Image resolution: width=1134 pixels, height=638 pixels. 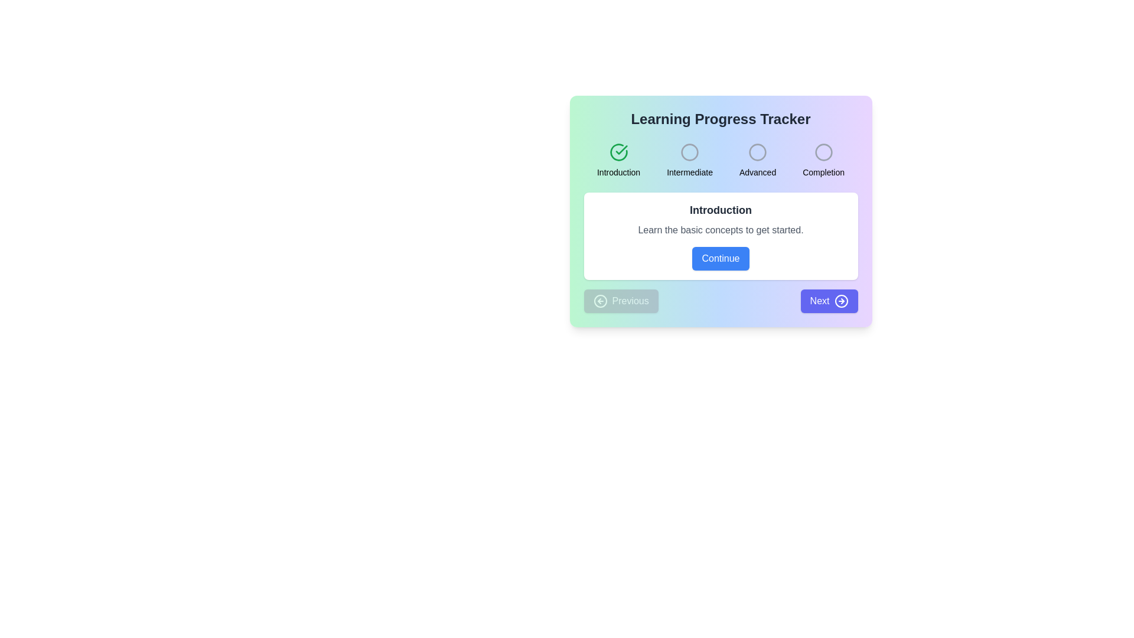 What do you see at coordinates (758, 161) in the screenshot?
I see `the 'Advanced' progress indicator step, which features a circular icon with a gray border and the label 'Advanced' below it, located in the upper center portion of the interface` at bounding box center [758, 161].